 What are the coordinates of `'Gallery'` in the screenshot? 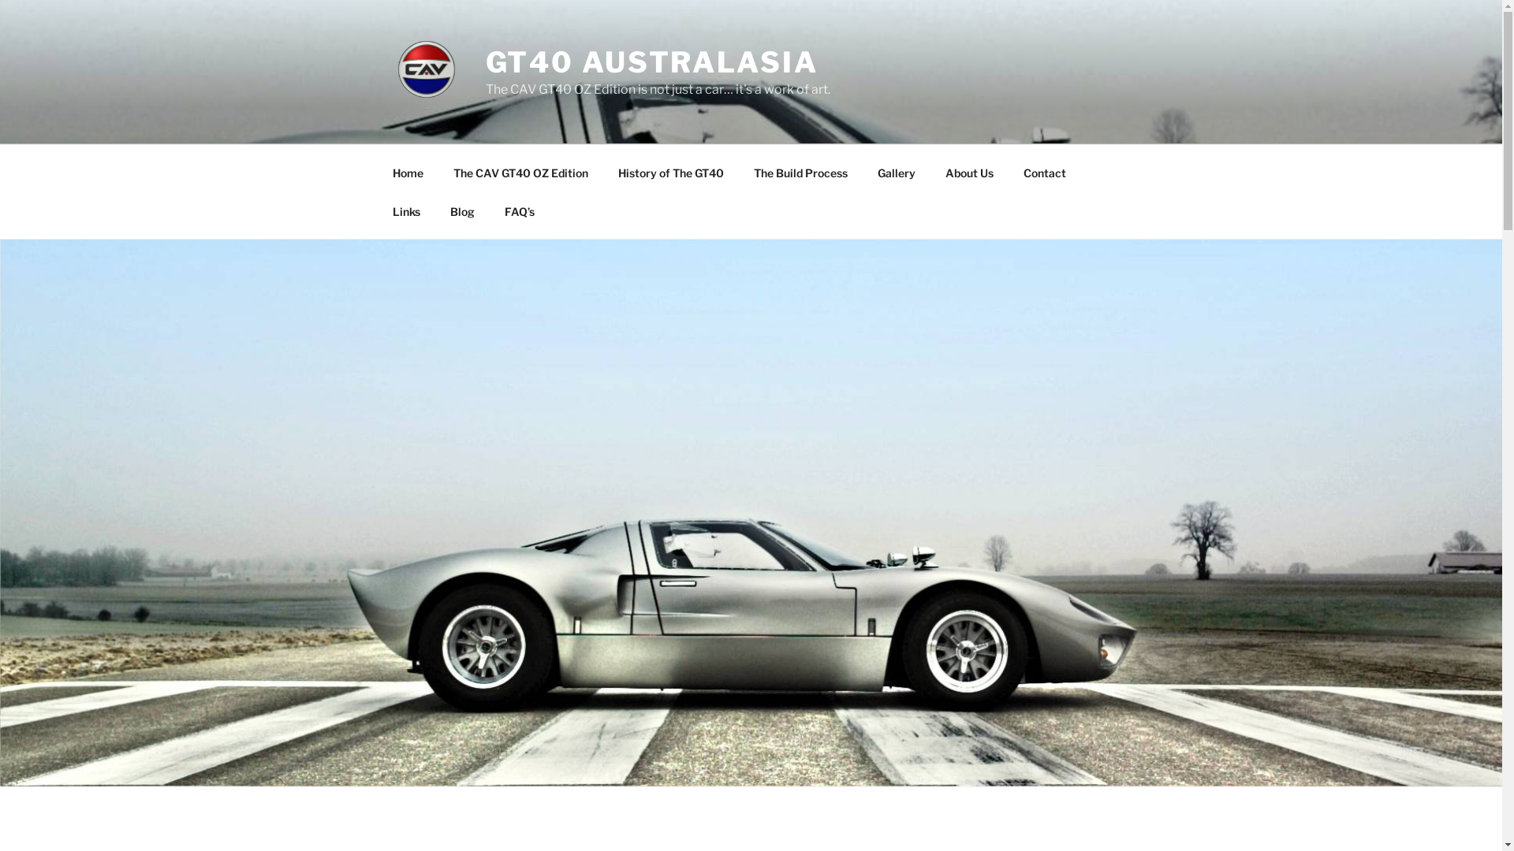 It's located at (897, 172).